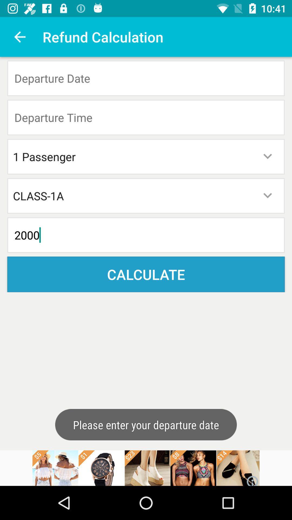 This screenshot has width=292, height=520. Describe the element at coordinates (146, 468) in the screenshot. I see `advertisement banner` at that location.